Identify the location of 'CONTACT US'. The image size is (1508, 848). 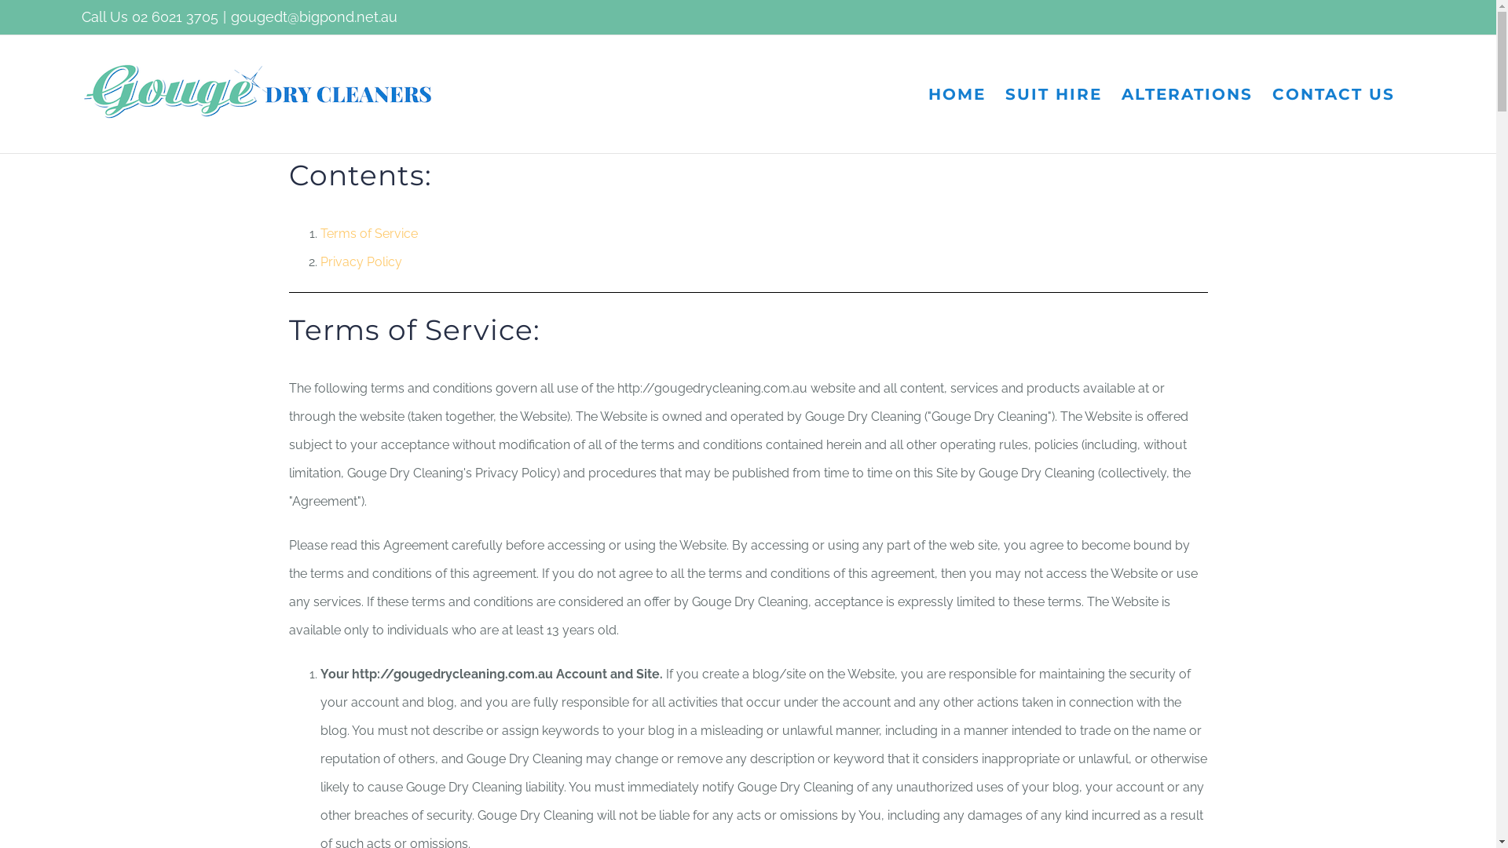
(1272, 93).